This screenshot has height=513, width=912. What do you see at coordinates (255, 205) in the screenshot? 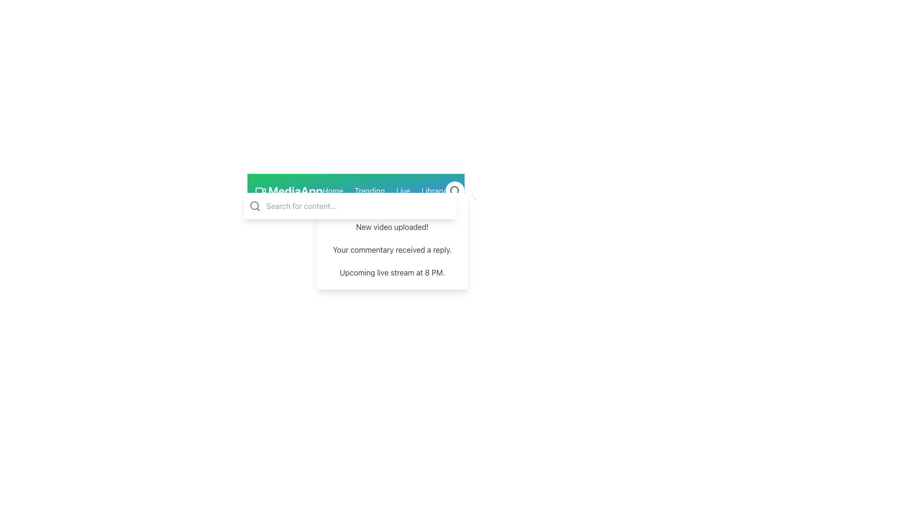
I see `the Circle component of the magnifying glass icon, which serves as the lens for initiating a search action` at bounding box center [255, 205].